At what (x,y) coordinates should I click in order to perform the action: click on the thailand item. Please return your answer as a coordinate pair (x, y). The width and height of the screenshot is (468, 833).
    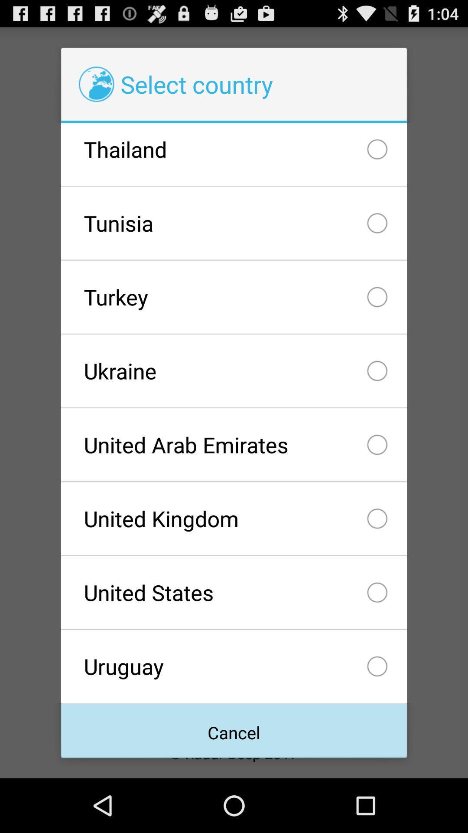
    Looking at the image, I should click on (234, 154).